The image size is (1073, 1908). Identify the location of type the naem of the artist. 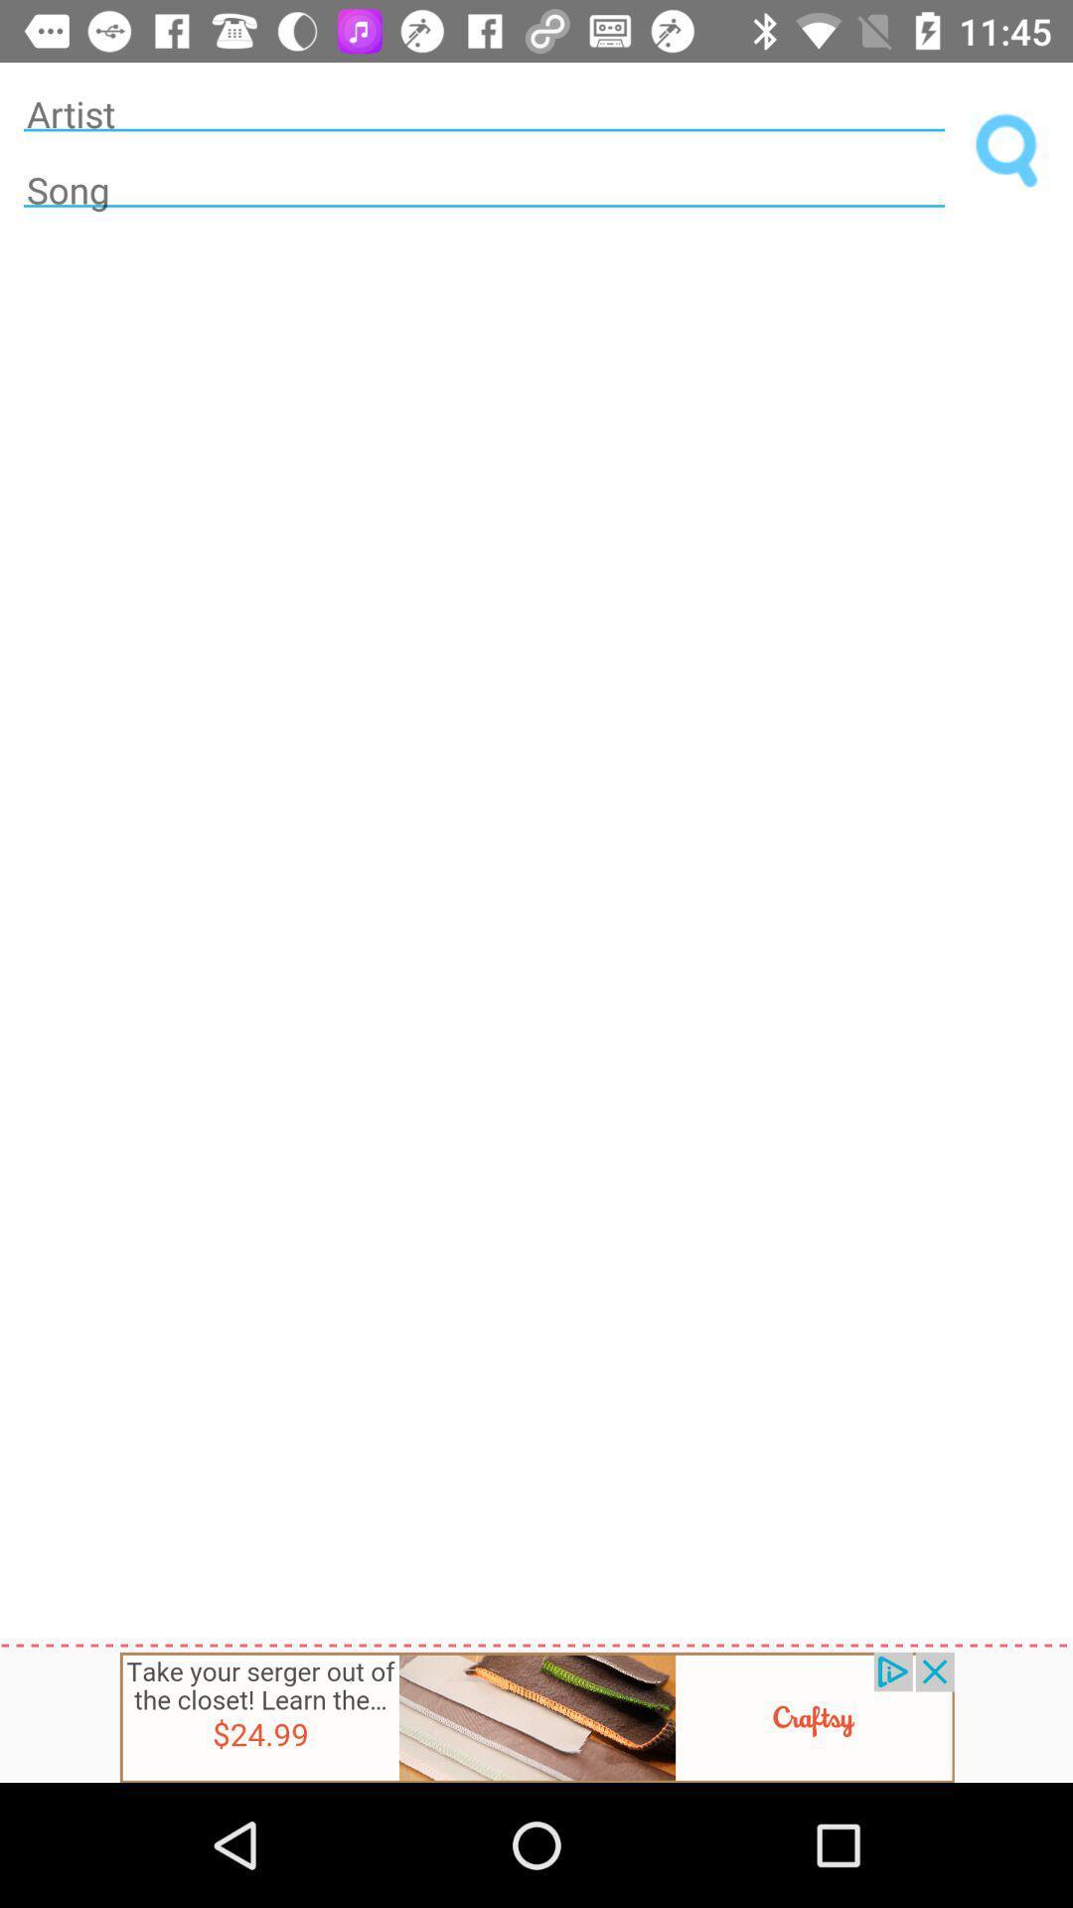
(484, 112).